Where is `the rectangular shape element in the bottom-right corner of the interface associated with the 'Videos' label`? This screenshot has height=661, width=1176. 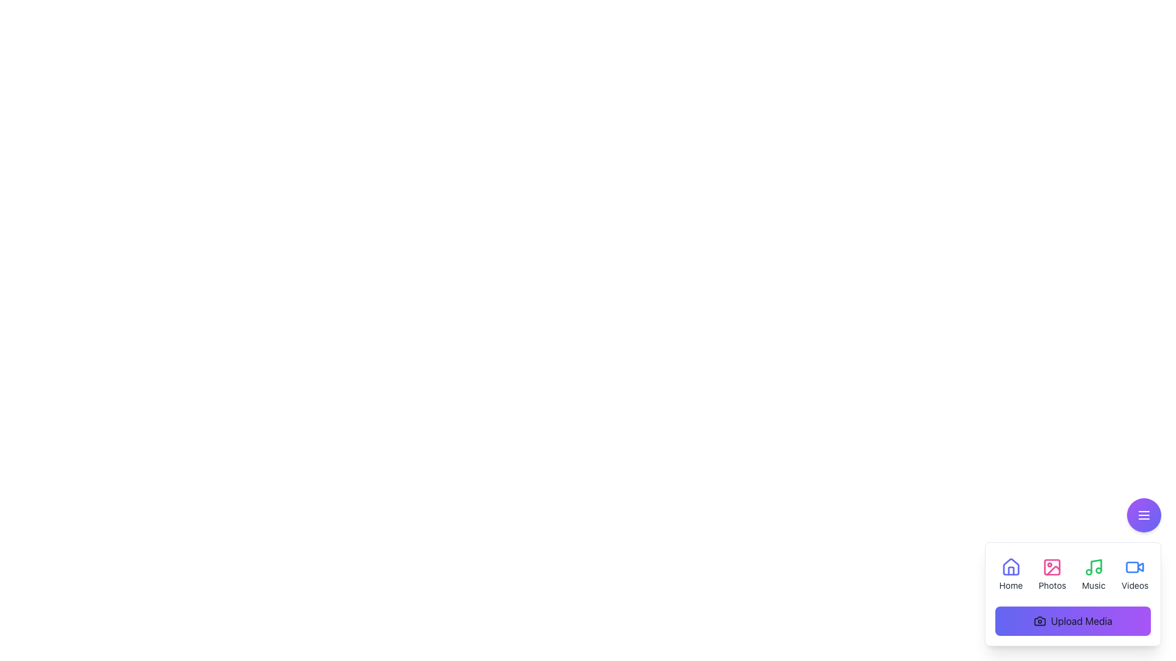
the rectangular shape element in the bottom-right corner of the interface associated with the 'Videos' label is located at coordinates (1132, 567).